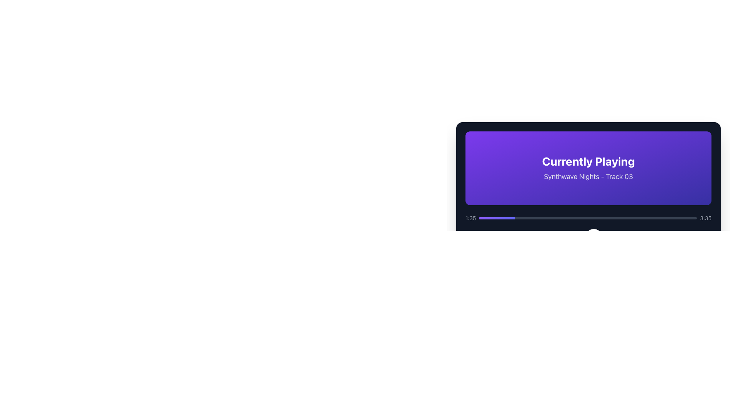  What do you see at coordinates (572, 218) in the screenshot?
I see `the playback progress` at bounding box center [572, 218].